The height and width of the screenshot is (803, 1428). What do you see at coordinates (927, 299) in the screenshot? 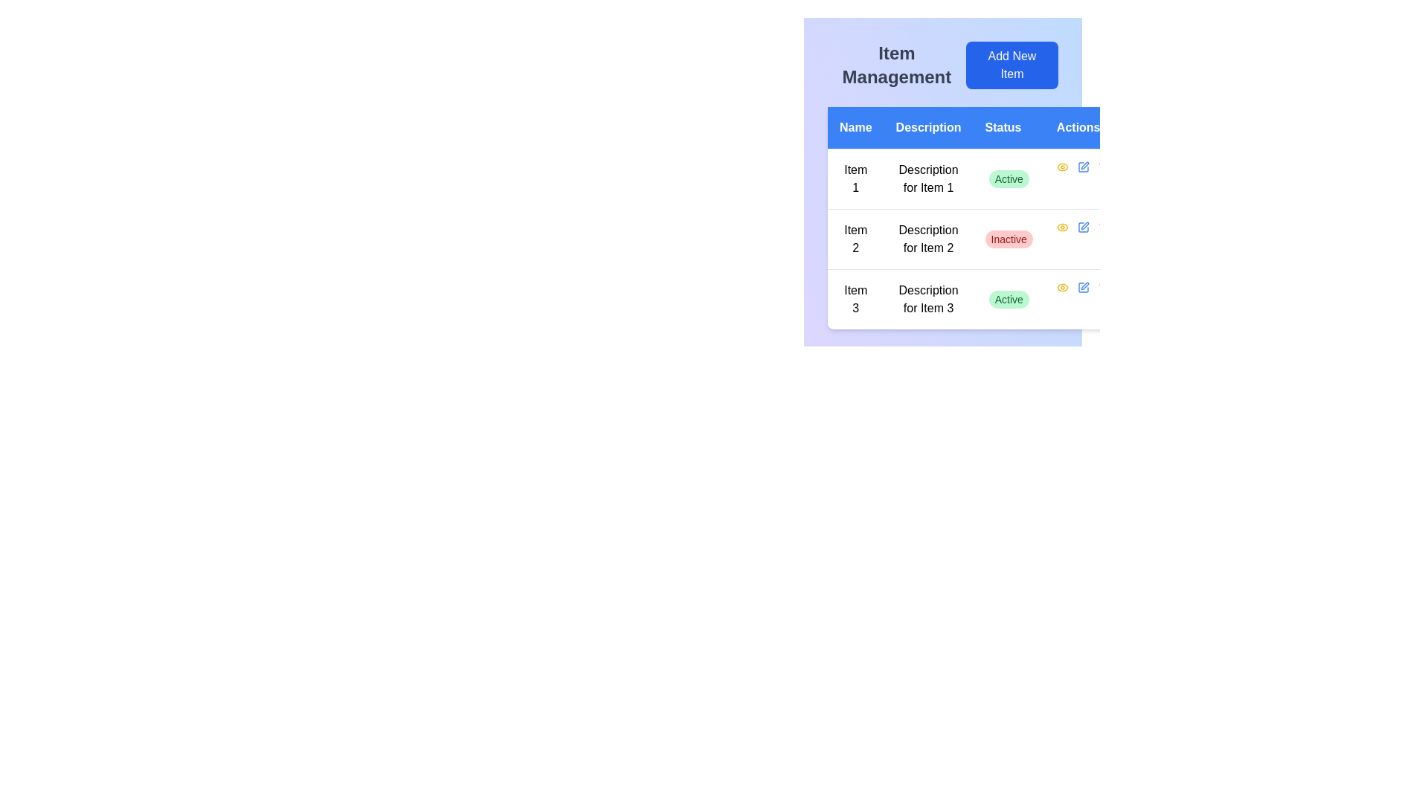
I see `the text label reading 'Description for Item 3' located in the third row of the 'Description' column` at bounding box center [927, 299].